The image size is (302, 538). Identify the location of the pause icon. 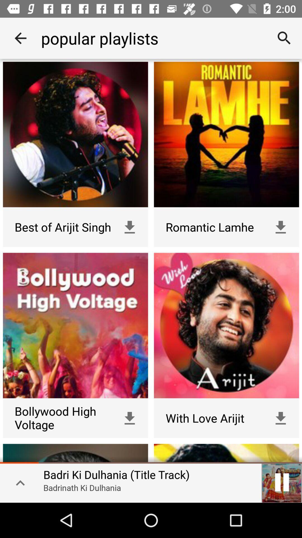
(282, 482).